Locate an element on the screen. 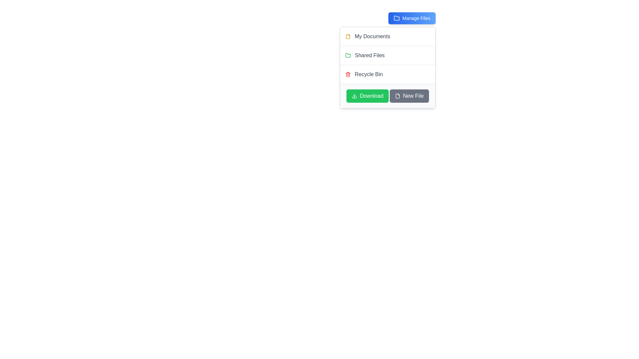  an item from the vertically stacked Menu List containing 'My Documents,' 'Shared Files,' and 'Recycle Bin' for further actions is located at coordinates (388, 55).